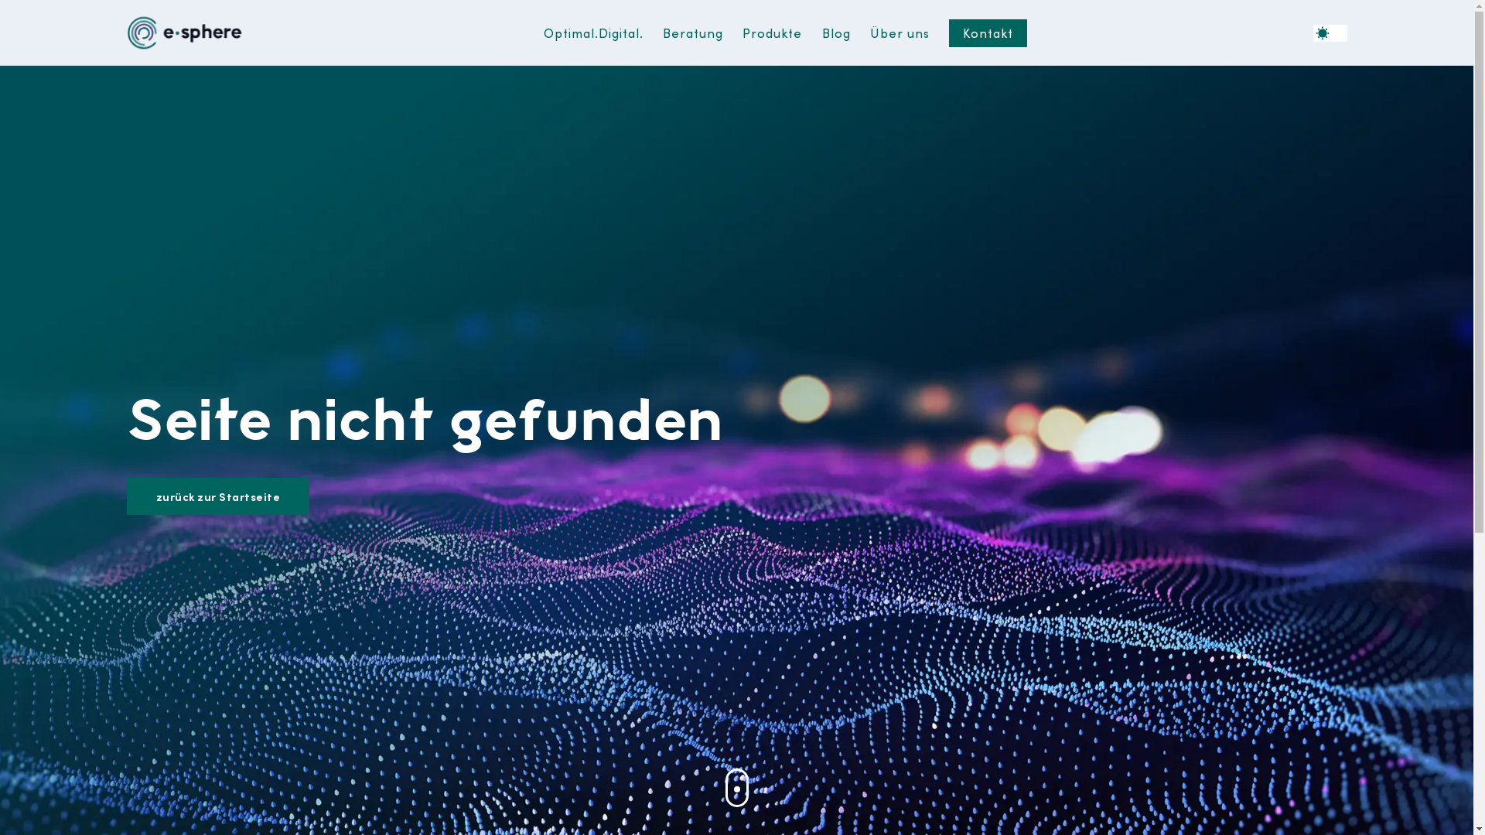 The image size is (1485, 835). I want to click on 'Blog', so click(835, 32).